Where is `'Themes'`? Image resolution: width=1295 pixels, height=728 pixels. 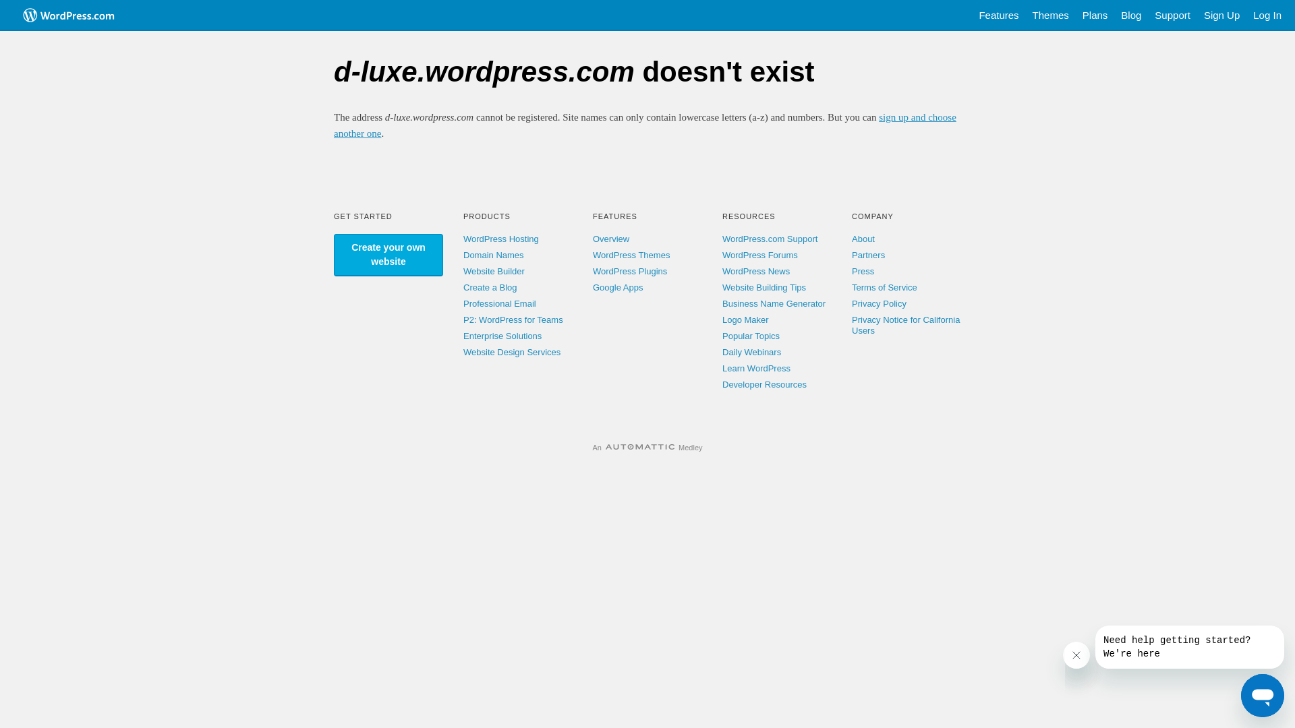
'Themes' is located at coordinates (1050, 16).